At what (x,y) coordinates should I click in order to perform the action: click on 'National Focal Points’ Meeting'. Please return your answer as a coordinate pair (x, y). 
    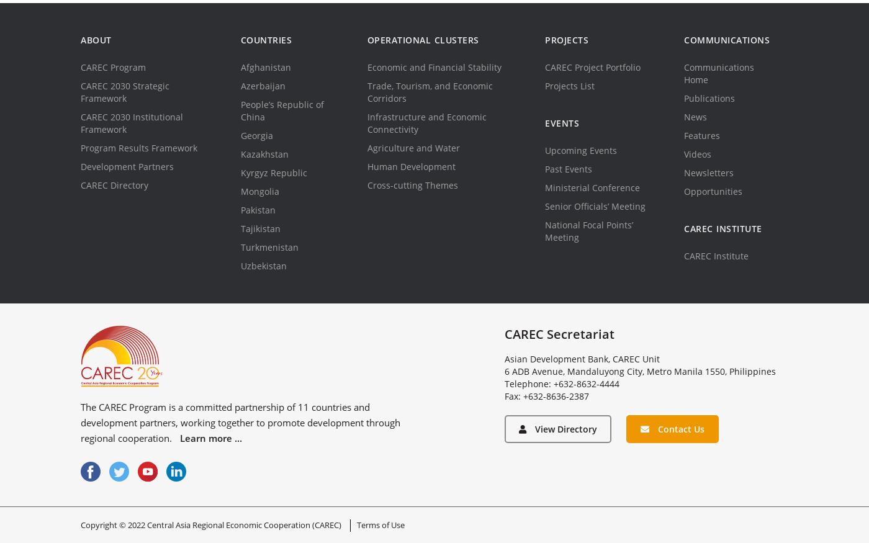
    Looking at the image, I should click on (589, 231).